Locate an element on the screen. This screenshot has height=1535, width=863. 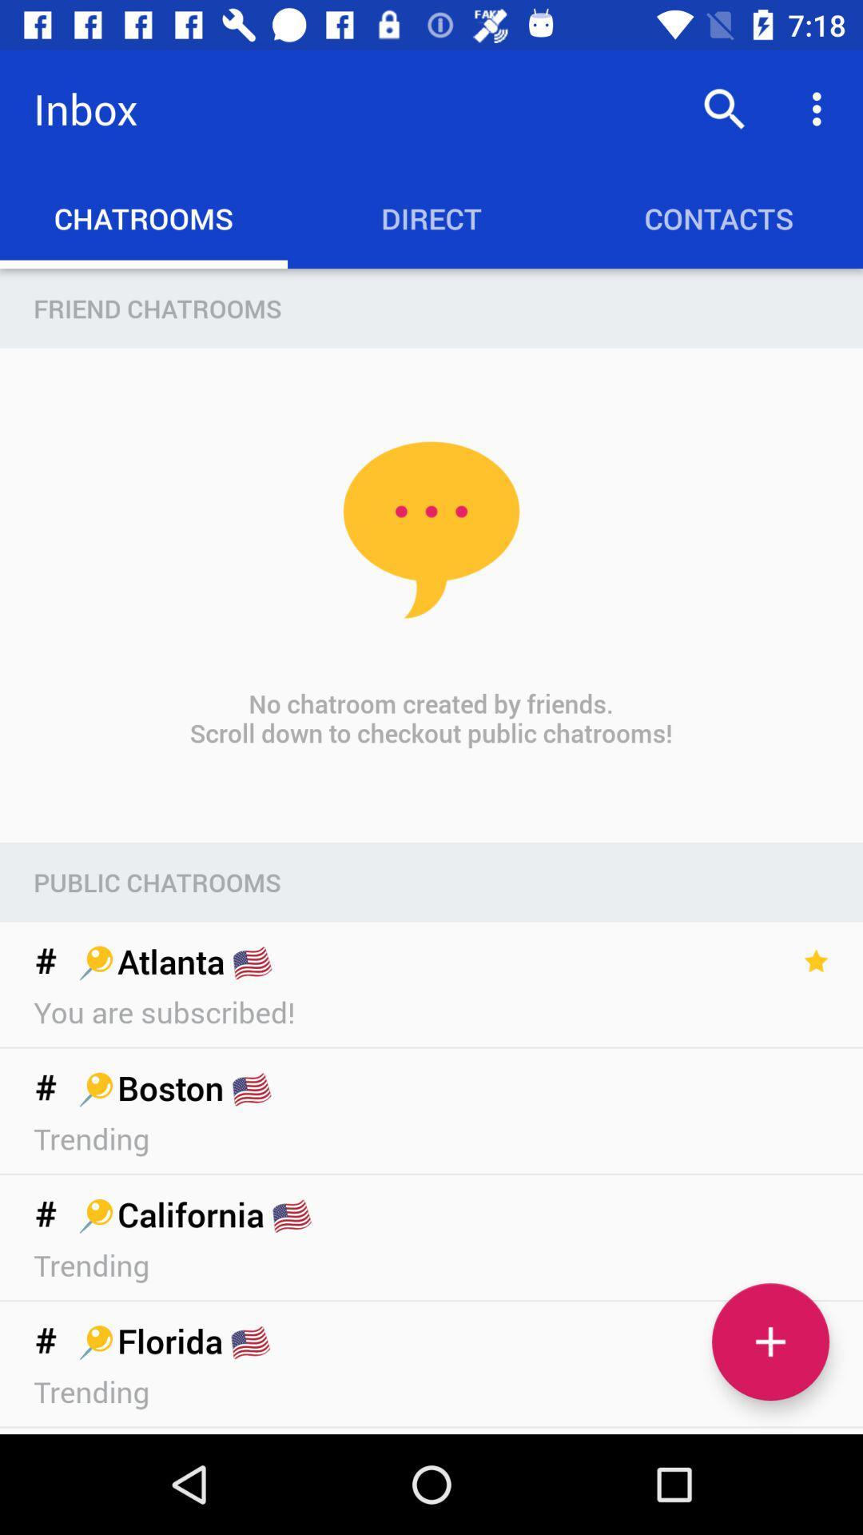
chatroom is located at coordinates (770, 1342).